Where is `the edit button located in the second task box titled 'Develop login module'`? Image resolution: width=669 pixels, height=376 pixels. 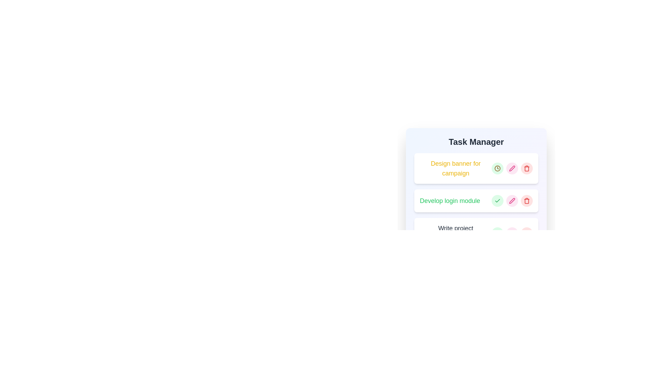 the edit button located in the second task box titled 'Develop login module' is located at coordinates (512, 168).